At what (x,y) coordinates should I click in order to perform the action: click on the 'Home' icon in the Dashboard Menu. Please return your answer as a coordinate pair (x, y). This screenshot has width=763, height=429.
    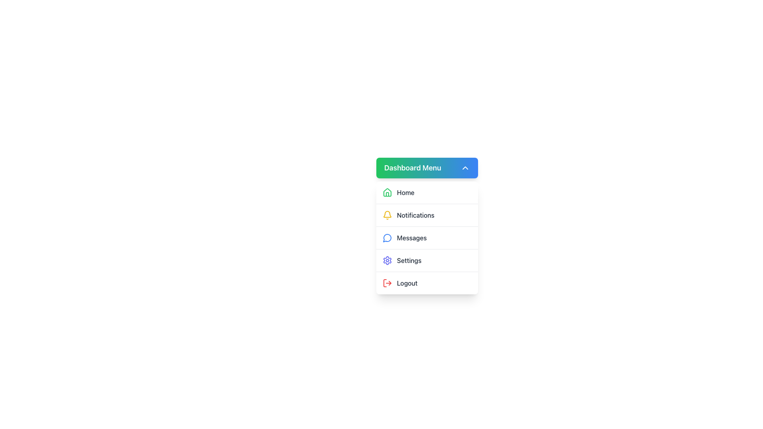
    Looking at the image, I should click on (387, 192).